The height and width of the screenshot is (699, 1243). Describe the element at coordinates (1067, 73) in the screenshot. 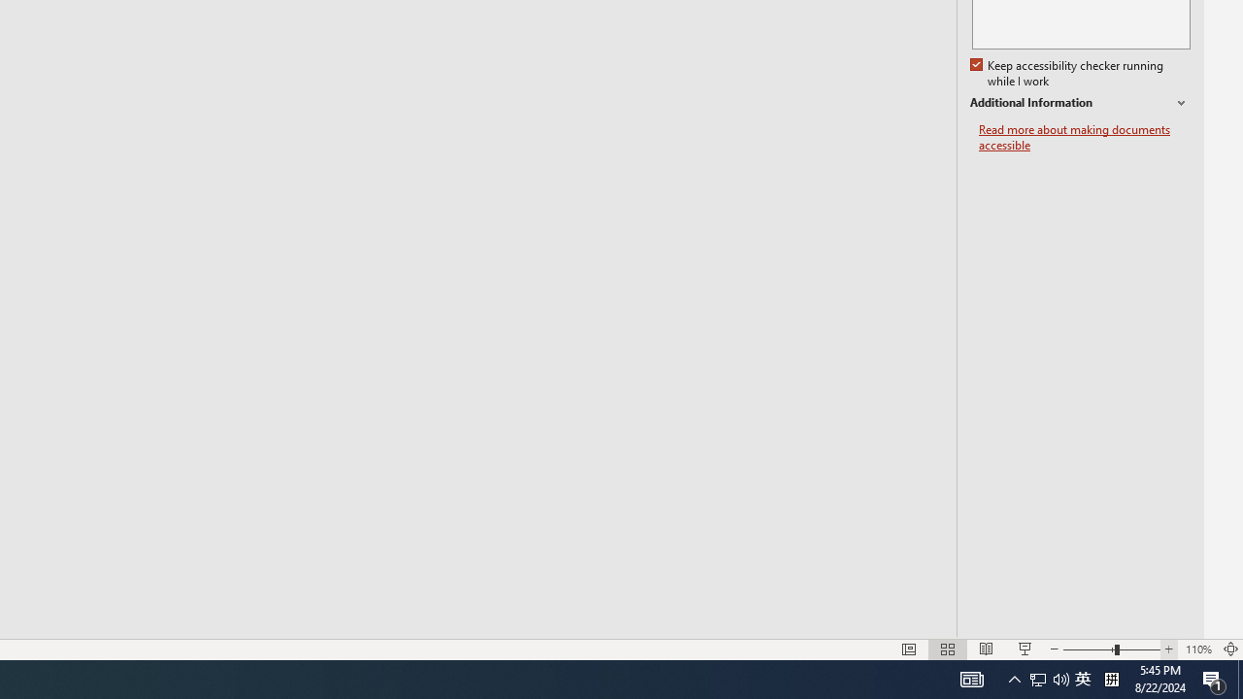

I see `'Keep accessibility checker running while I work'` at that location.